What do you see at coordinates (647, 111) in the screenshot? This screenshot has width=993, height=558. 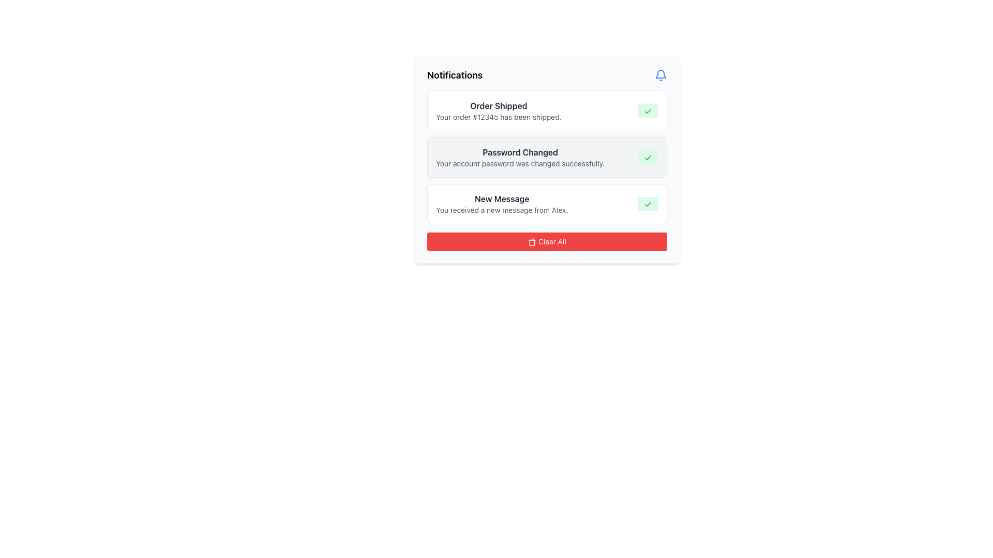 I see `the small, rounded rectangular button with a light green background and a green checkmark icon in its center to confirm the notification for 'Order Shipped'` at bounding box center [647, 111].